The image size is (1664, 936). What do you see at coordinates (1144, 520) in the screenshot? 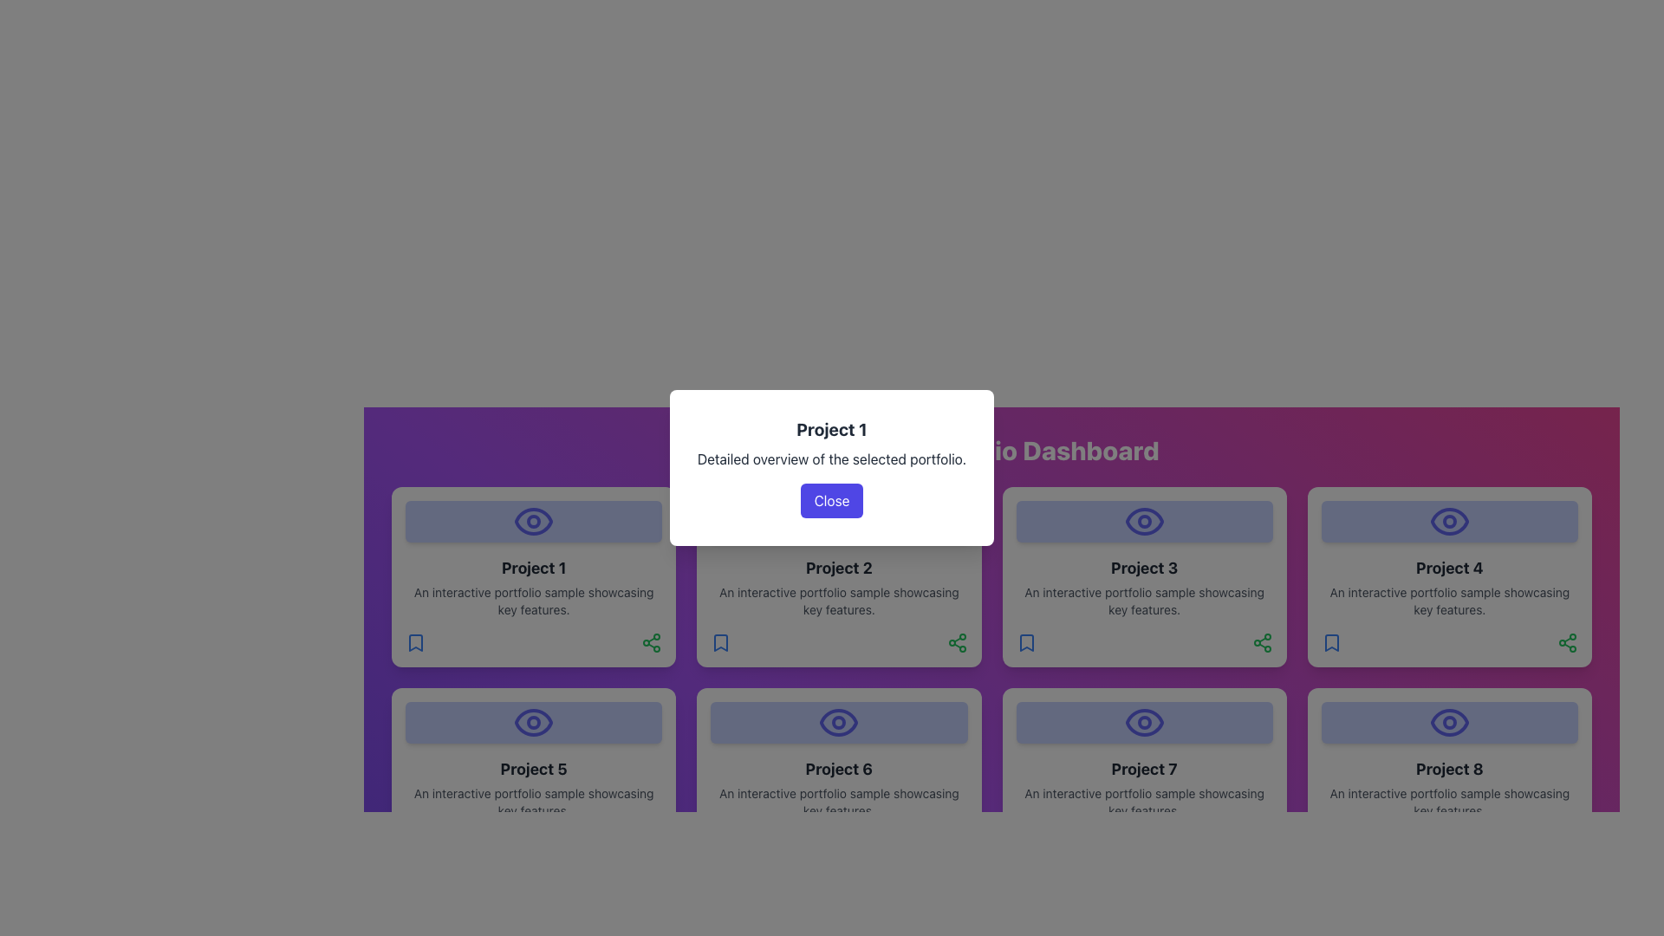
I see `the small circle within the eye icon at the top of the 'Project 3' card in the second row of the grid` at bounding box center [1144, 520].